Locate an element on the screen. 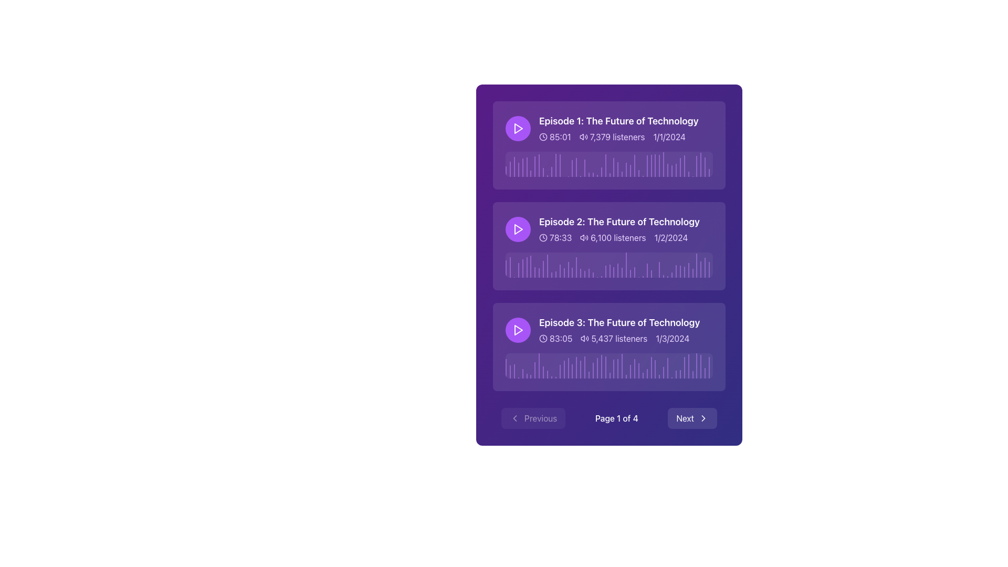 The height and width of the screenshot is (567, 1008). the playback progress indicator bar located within the second item of the podcast episode list, representing the playback progress is located at coordinates (535, 272).